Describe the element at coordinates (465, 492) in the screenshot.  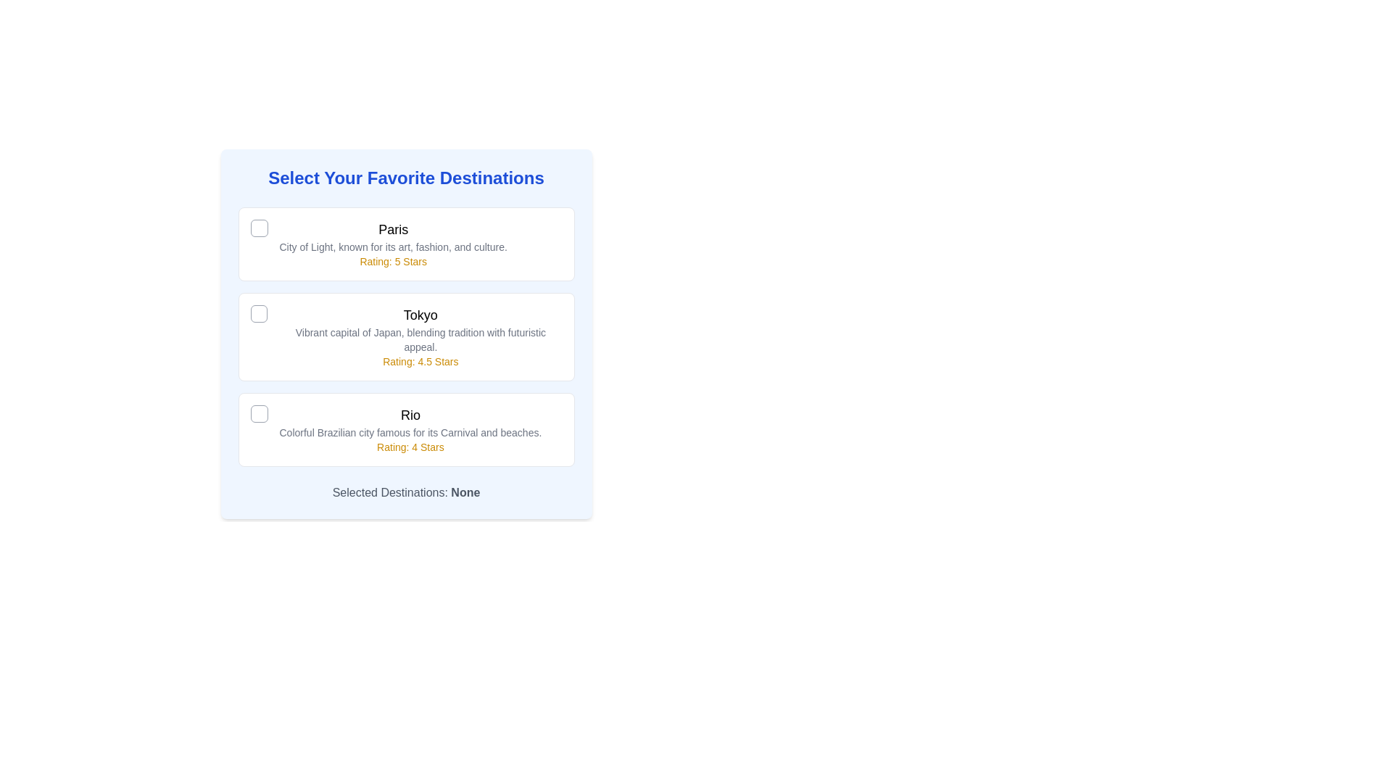
I see `the Label or Text Display indicating 'Selected Destinations: None' located at the lower portion of the interface` at that location.